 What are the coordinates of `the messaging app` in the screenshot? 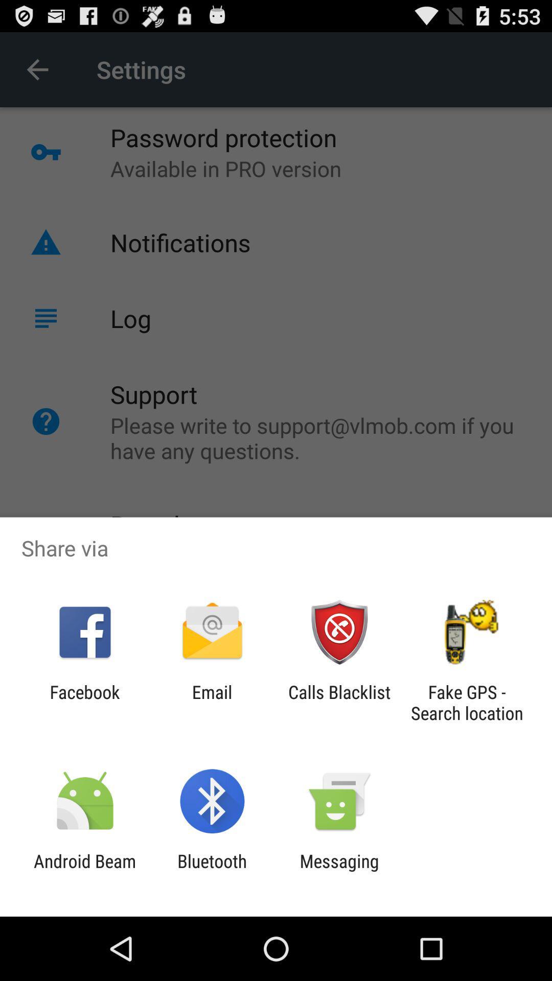 It's located at (339, 871).